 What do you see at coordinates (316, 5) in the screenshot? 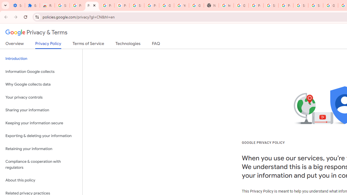
I see `'Sign in - Google Accounts'` at bounding box center [316, 5].